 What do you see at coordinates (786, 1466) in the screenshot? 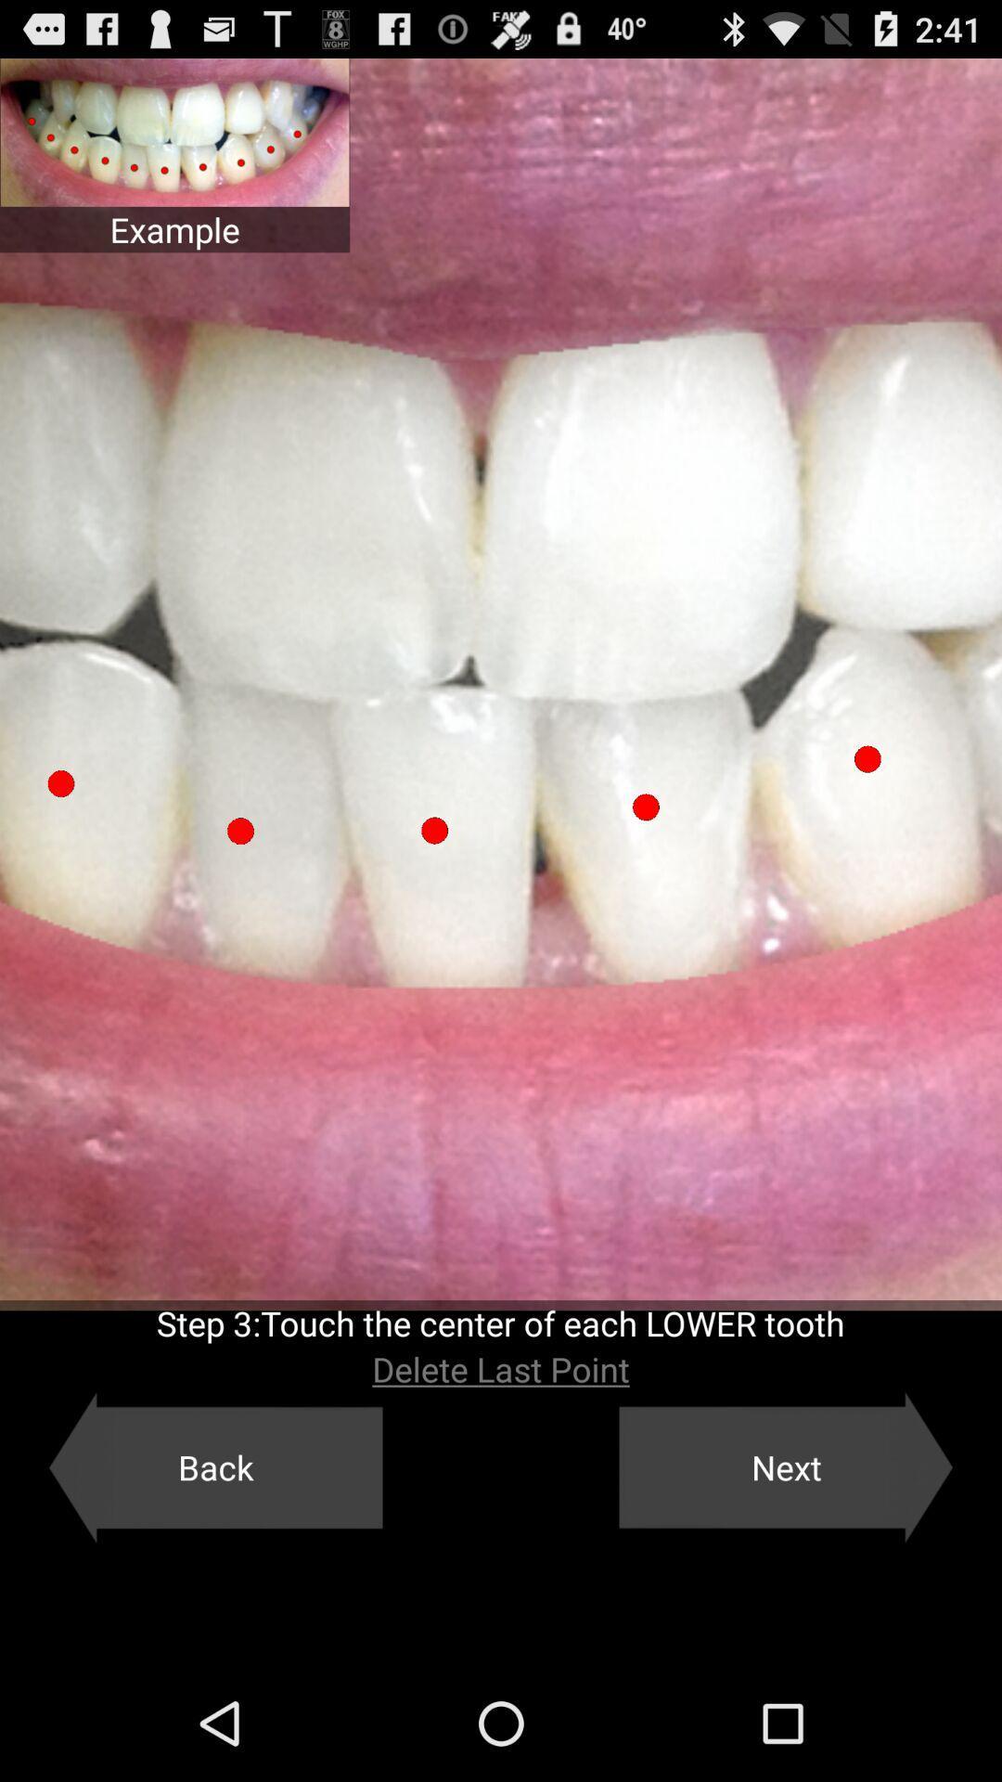
I see `item at the bottom right corner` at bounding box center [786, 1466].